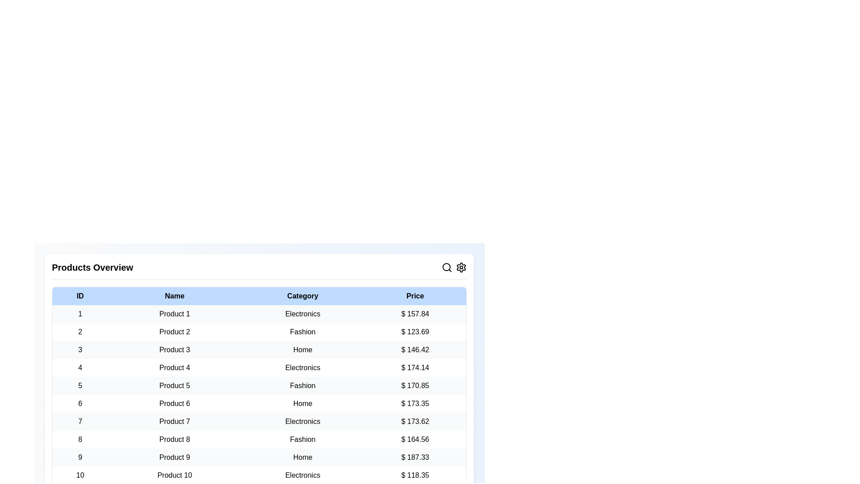  Describe the element at coordinates (414, 296) in the screenshot. I see `the column header to sort the table by Price` at that location.